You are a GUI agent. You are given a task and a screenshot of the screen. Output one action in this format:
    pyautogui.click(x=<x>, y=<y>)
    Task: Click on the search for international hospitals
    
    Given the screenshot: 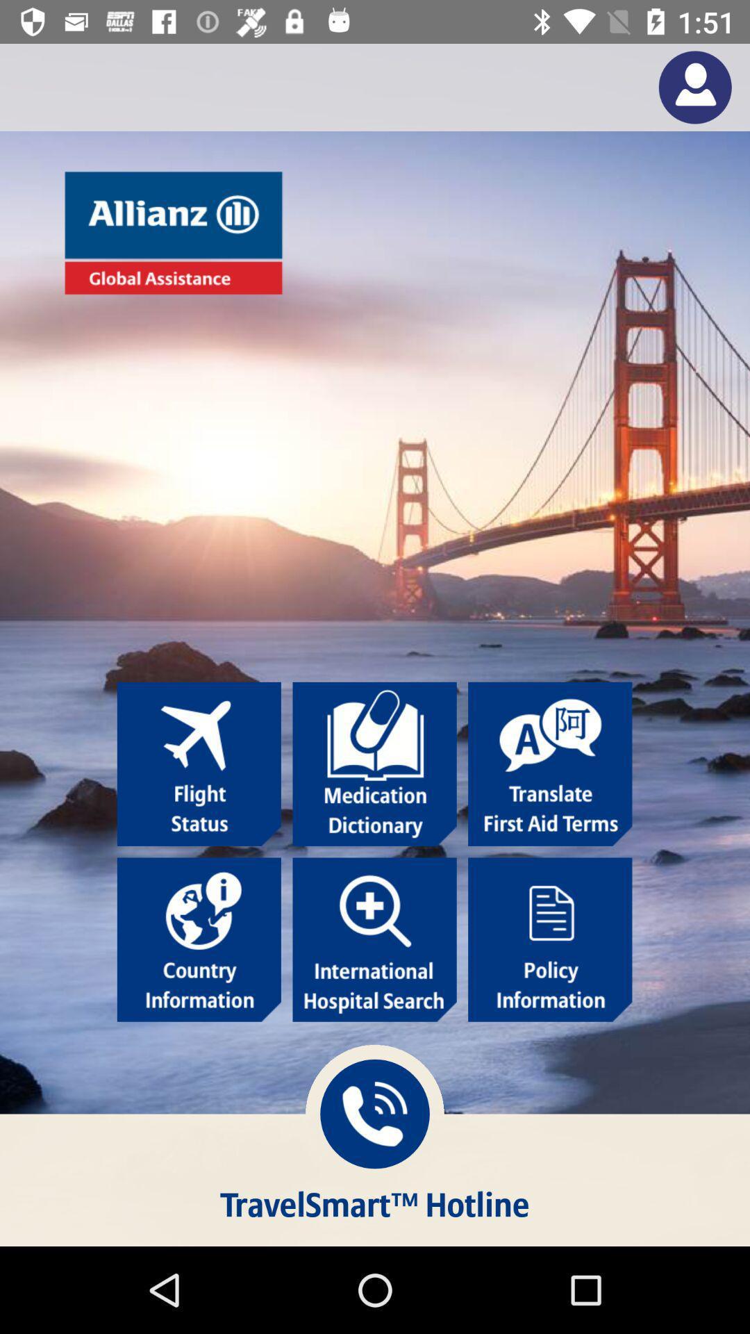 What is the action you would take?
    pyautogui.click(x=374, y=939)
    